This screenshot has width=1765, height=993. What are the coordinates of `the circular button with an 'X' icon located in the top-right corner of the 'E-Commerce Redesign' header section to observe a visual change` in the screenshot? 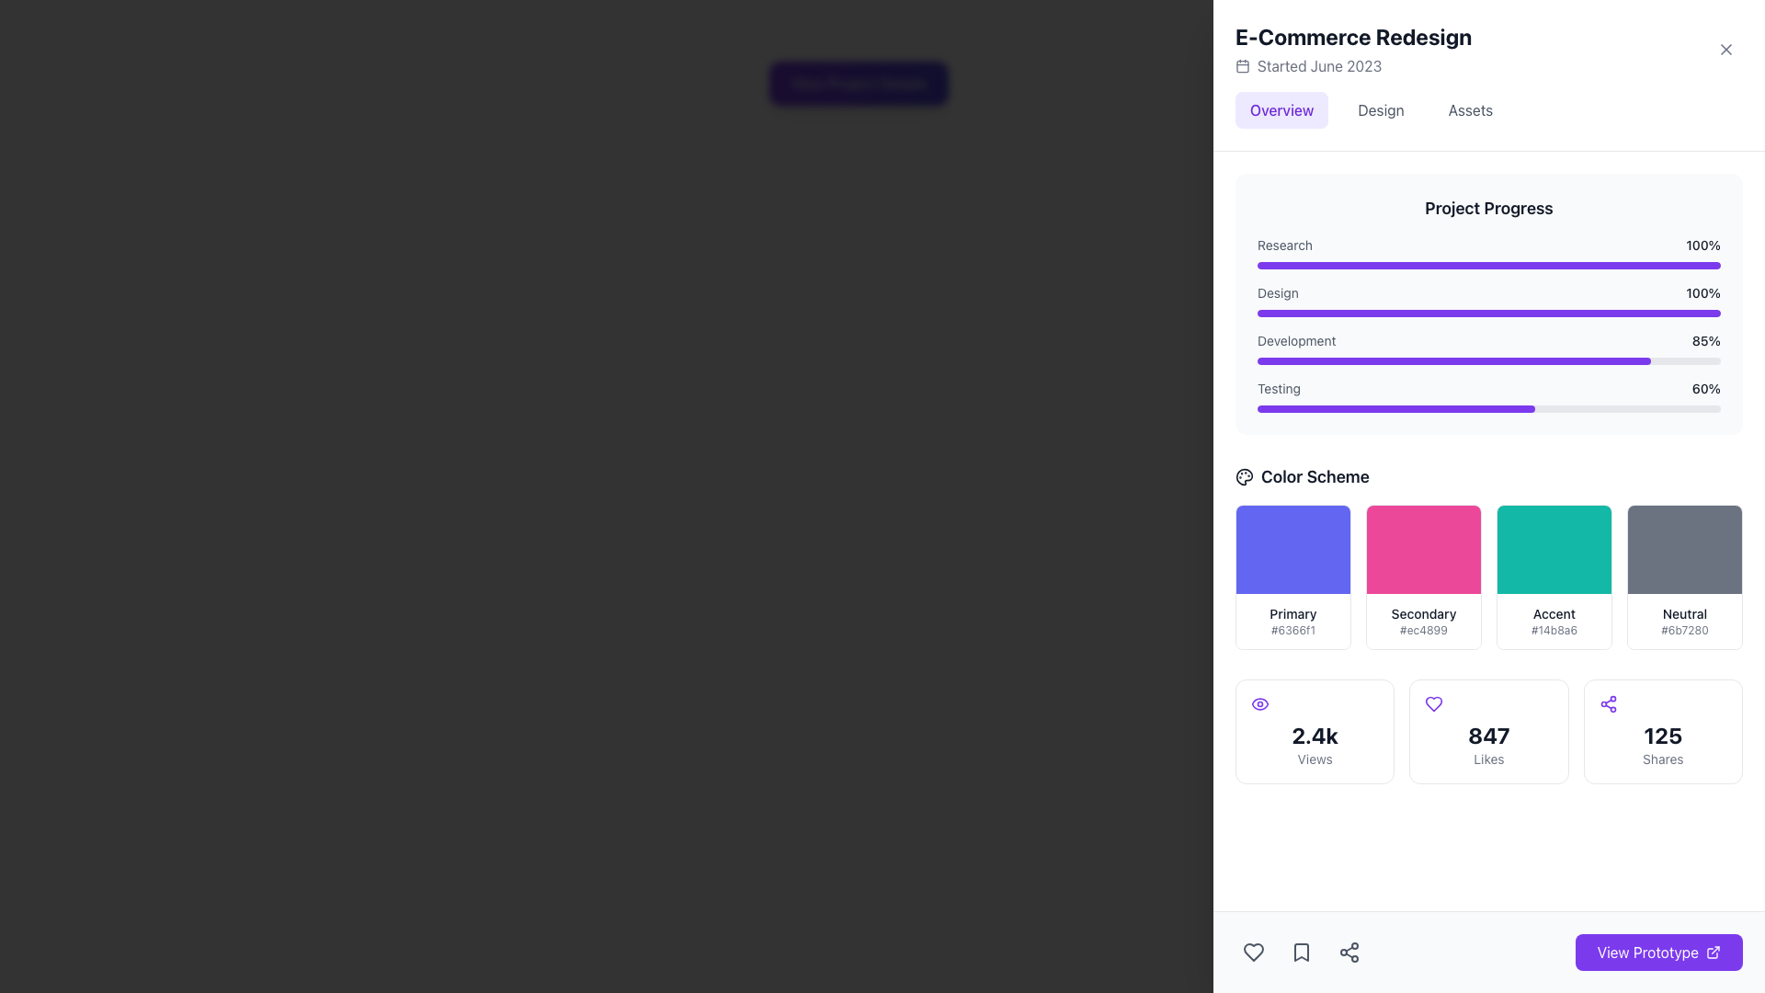 It's located at (1725, 49).